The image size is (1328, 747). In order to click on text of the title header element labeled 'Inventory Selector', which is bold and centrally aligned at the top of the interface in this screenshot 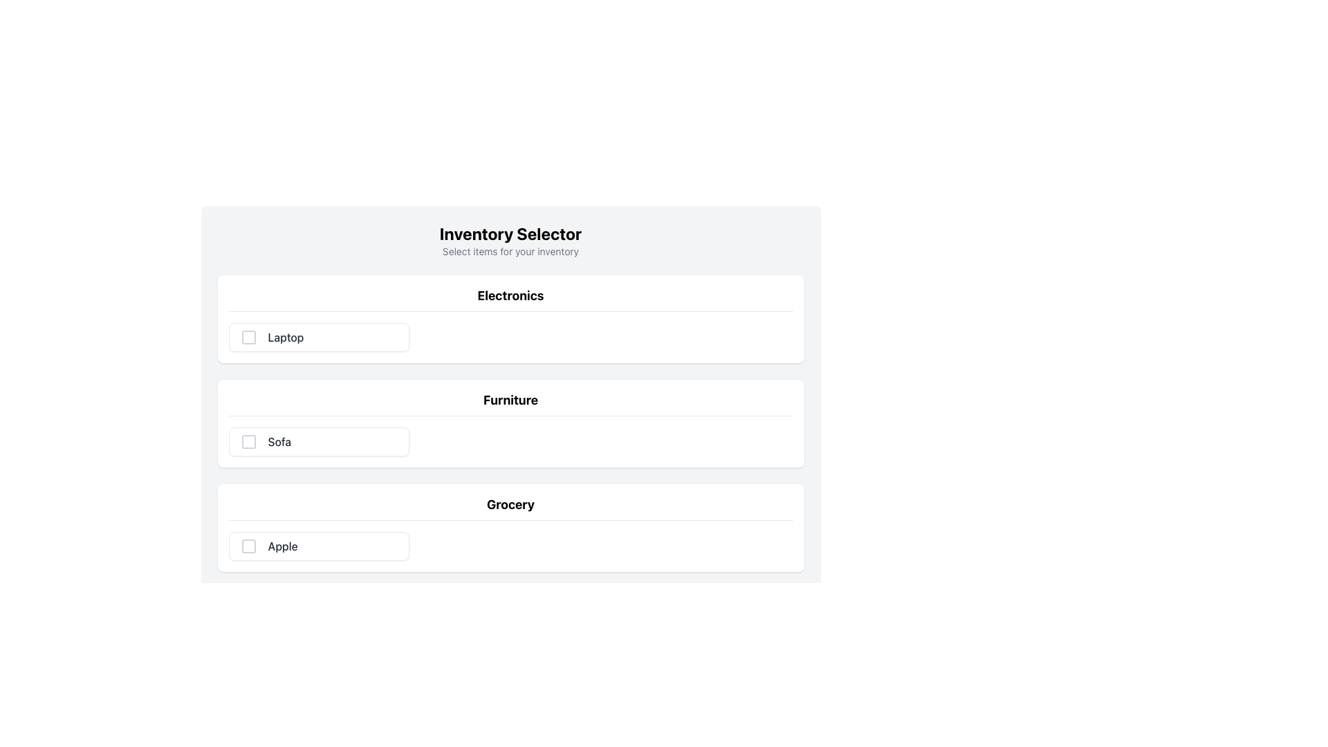, I will do `click(510, 233)`.